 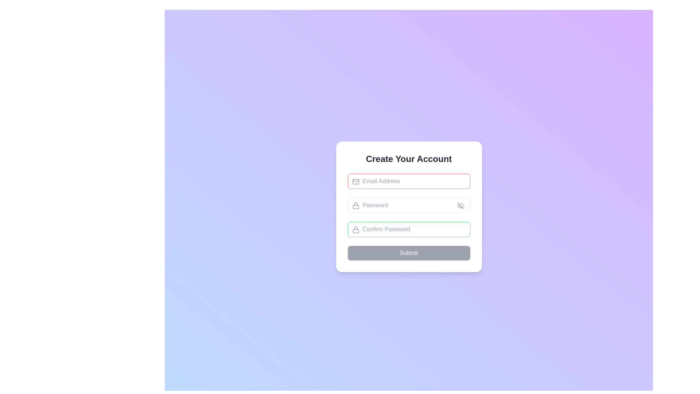 What do you see at coordinates (460, 205) in the screenshot?
I see `the eye icon indicating hidden password status in the 'Password' input field, which is located at the right side of the field` at bounding box center [460, 205].